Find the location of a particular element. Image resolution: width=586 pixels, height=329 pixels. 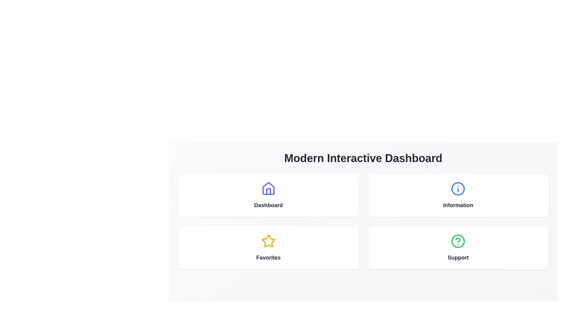

the vibrant yellow star-shaped icon located centrally above the text 'Favorites' in the 'Favorites' card, which is the third box in the second row of the grid layout is located at coordinates (268, 241).